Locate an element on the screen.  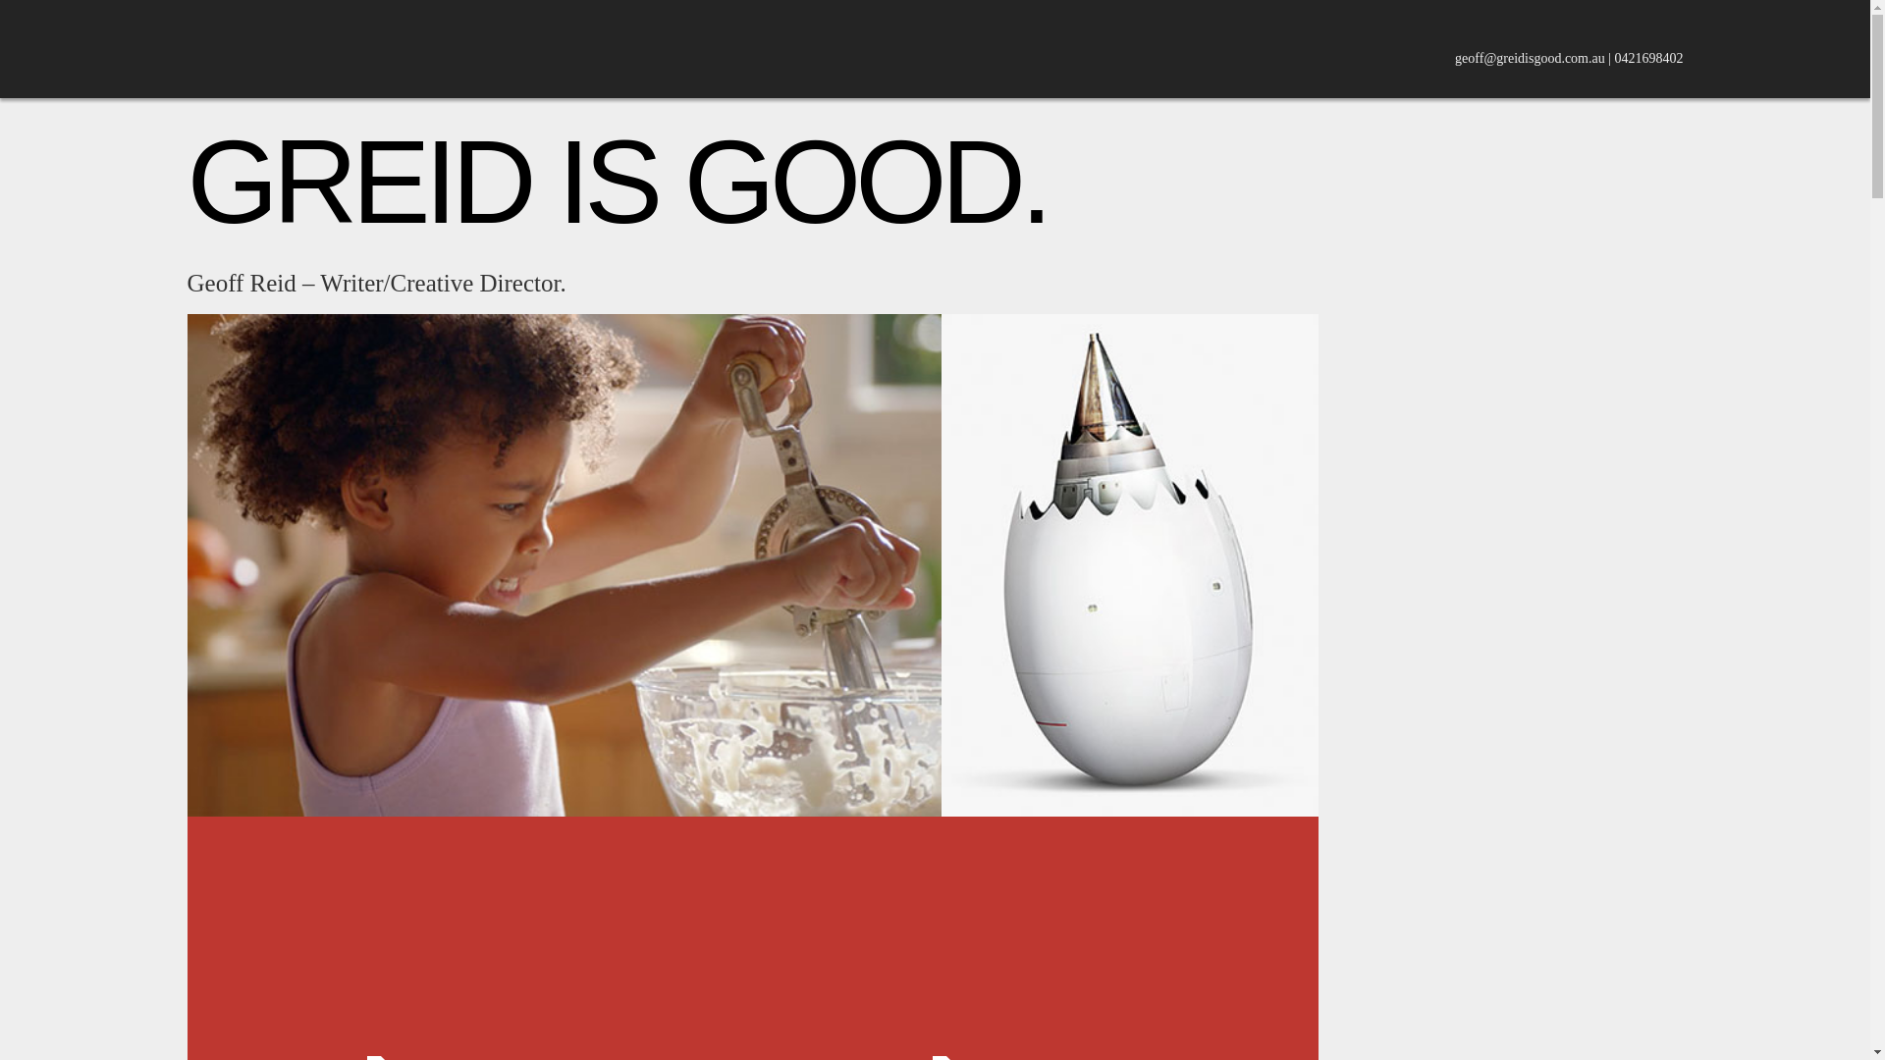
'geoff@greidisgood.com.au | 0421698402' is located at coordinates (1455, 57).